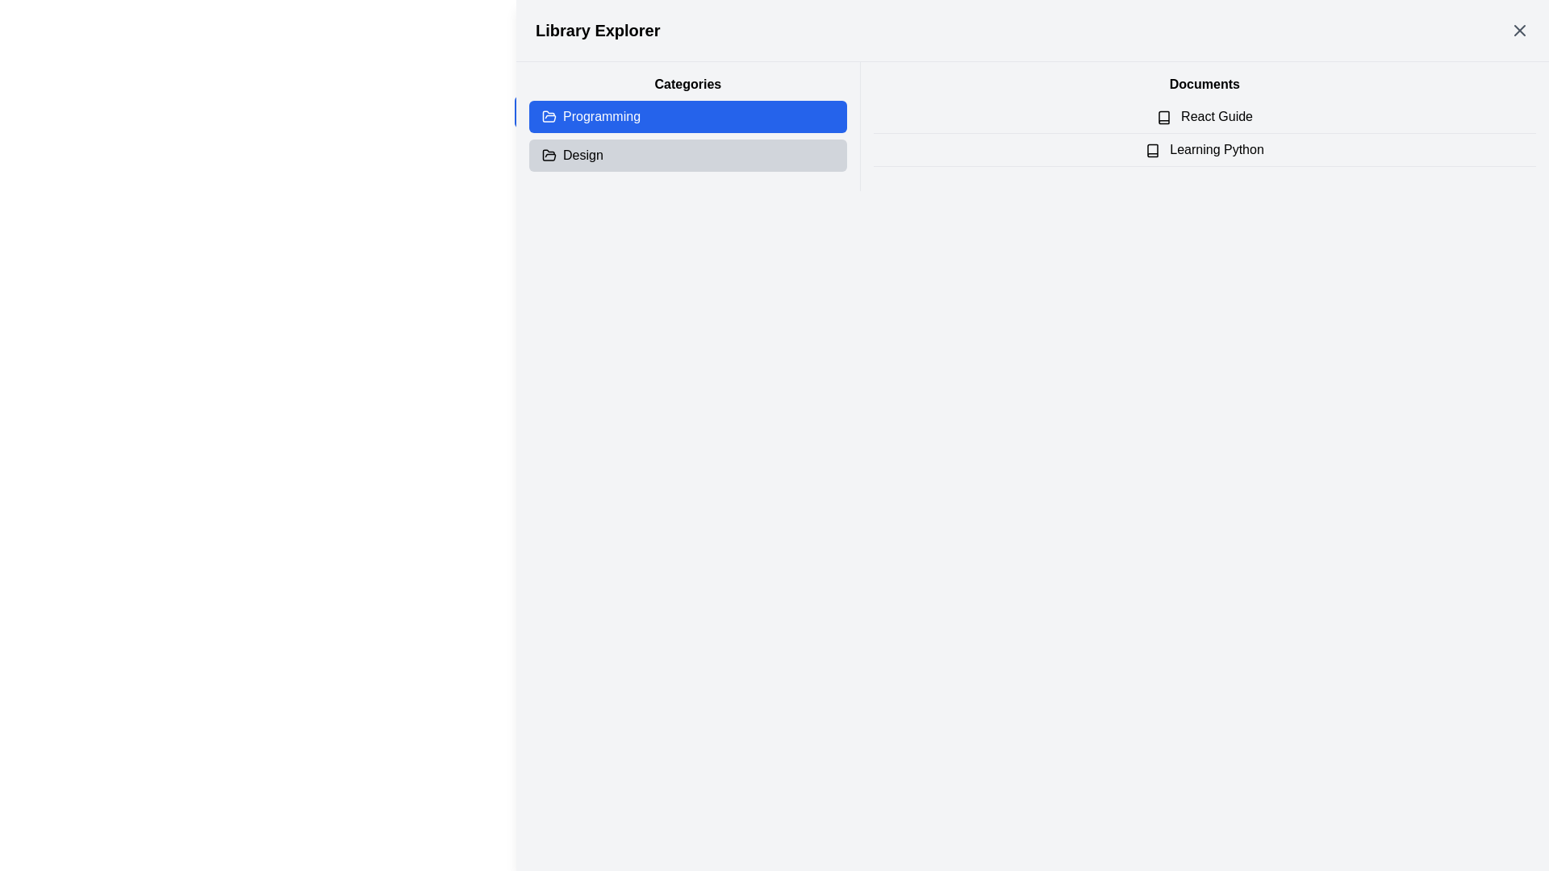  Describe the element at coordinates (687, 84) in the screenshot. I see `text content of the 'Categories' header, which is bold and located at the top of the list section in the left panel of the interface` at that location.